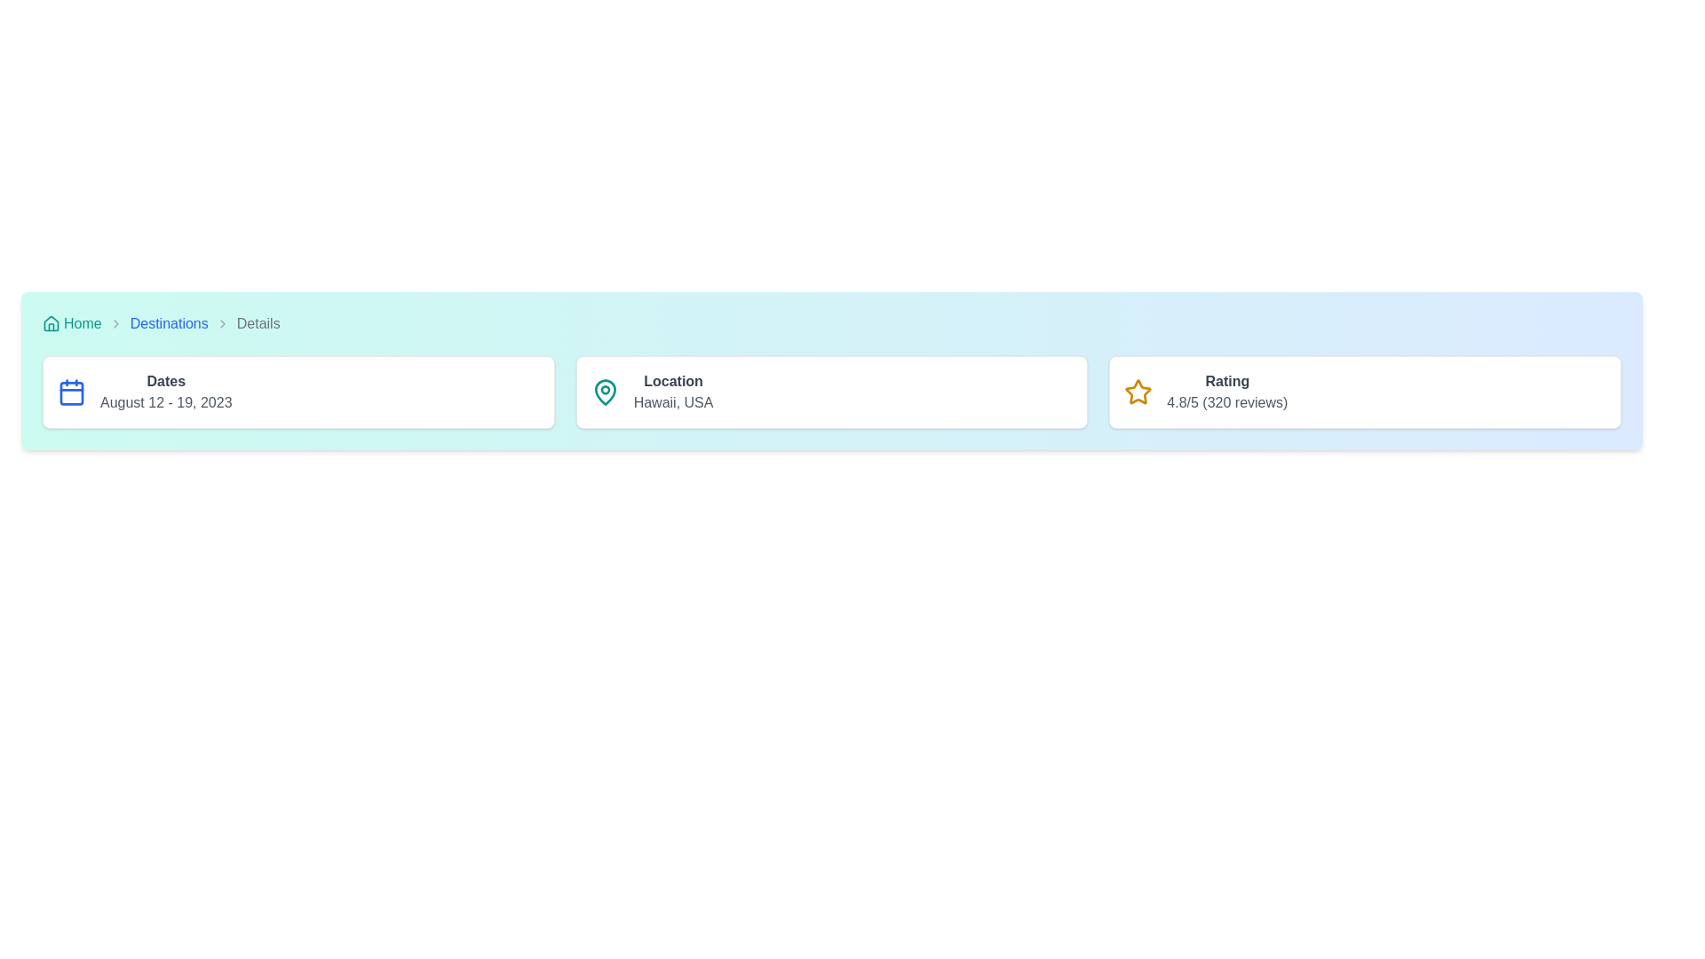  What do you see at coordinates (166, 392) in the screenshot?
I see `the 'Dates' text label, which features a bold title 'Dates' and a lighter subtitle 'August 12 - 19, 2023', located in the leftmost box of a row of three boxes` at bounding box center [166, 392].